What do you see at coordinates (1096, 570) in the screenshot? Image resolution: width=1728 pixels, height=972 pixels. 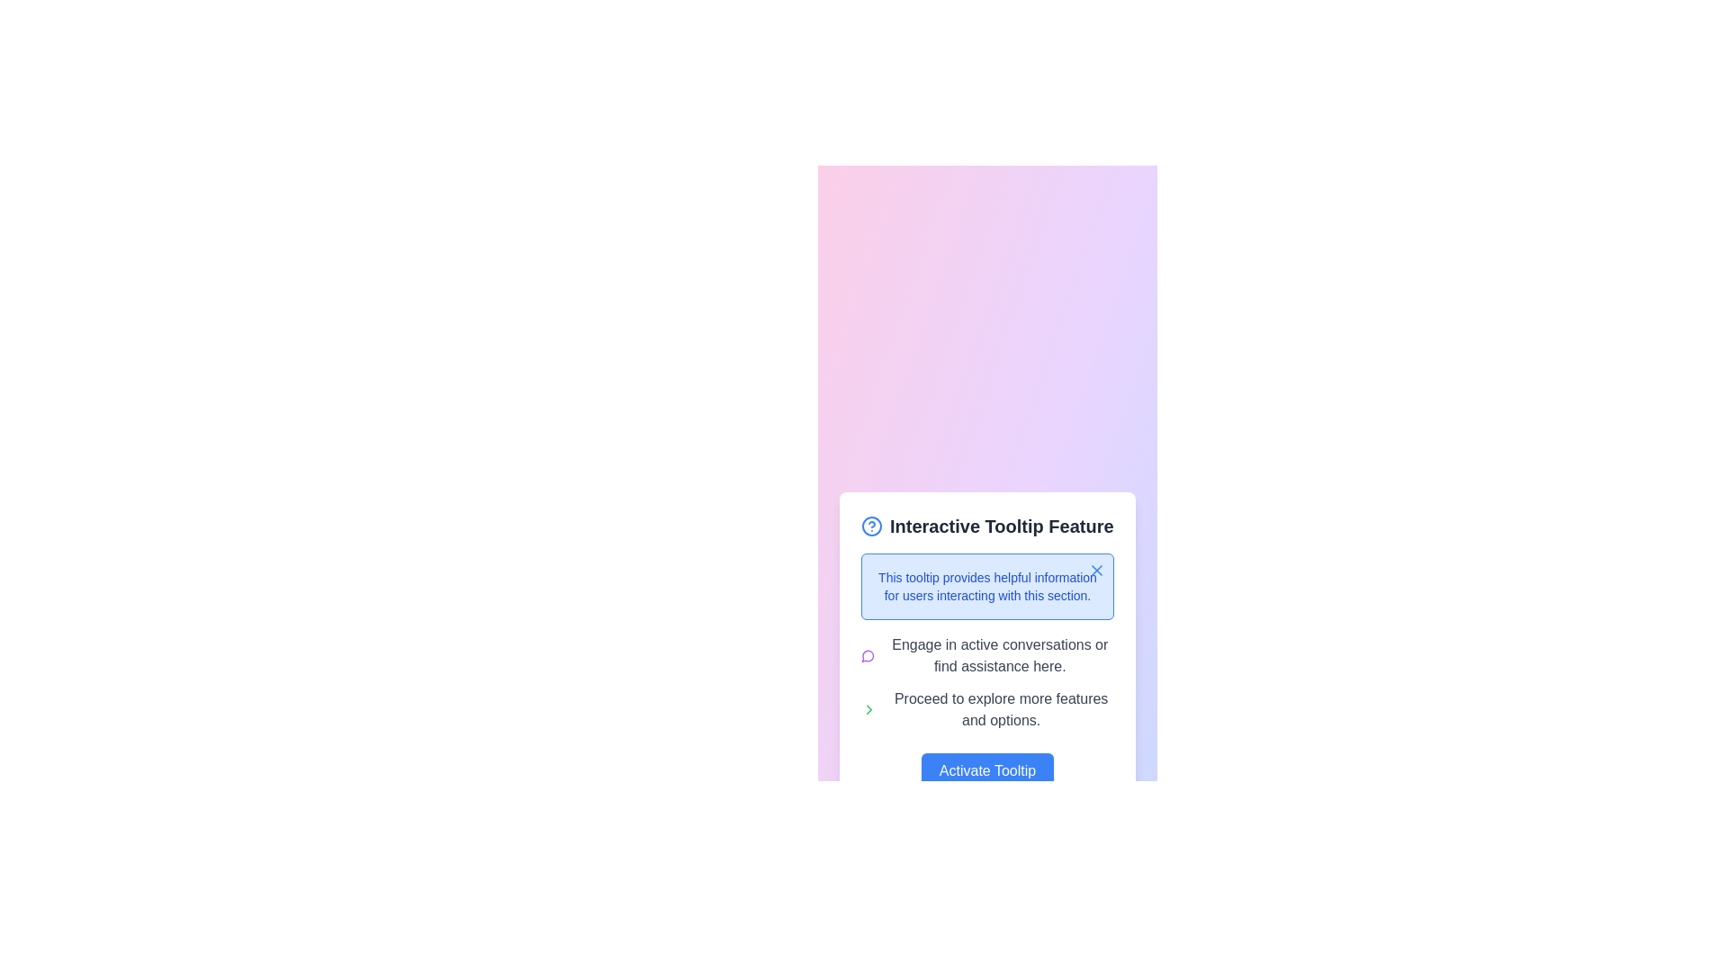 I see `the small 'X' icon located at the top-right corner of the interactive tooltip interface` at bounding box center [1096, 570].